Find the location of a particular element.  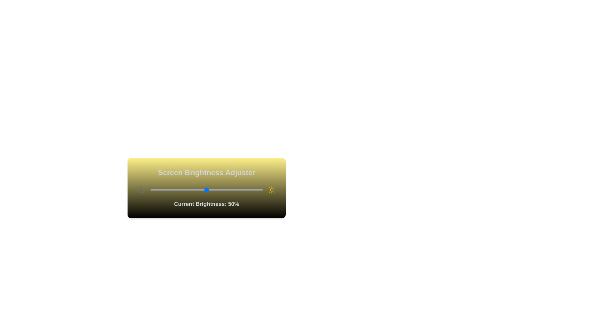

the brightness slider to 99% is located at coordinates (262, 190).